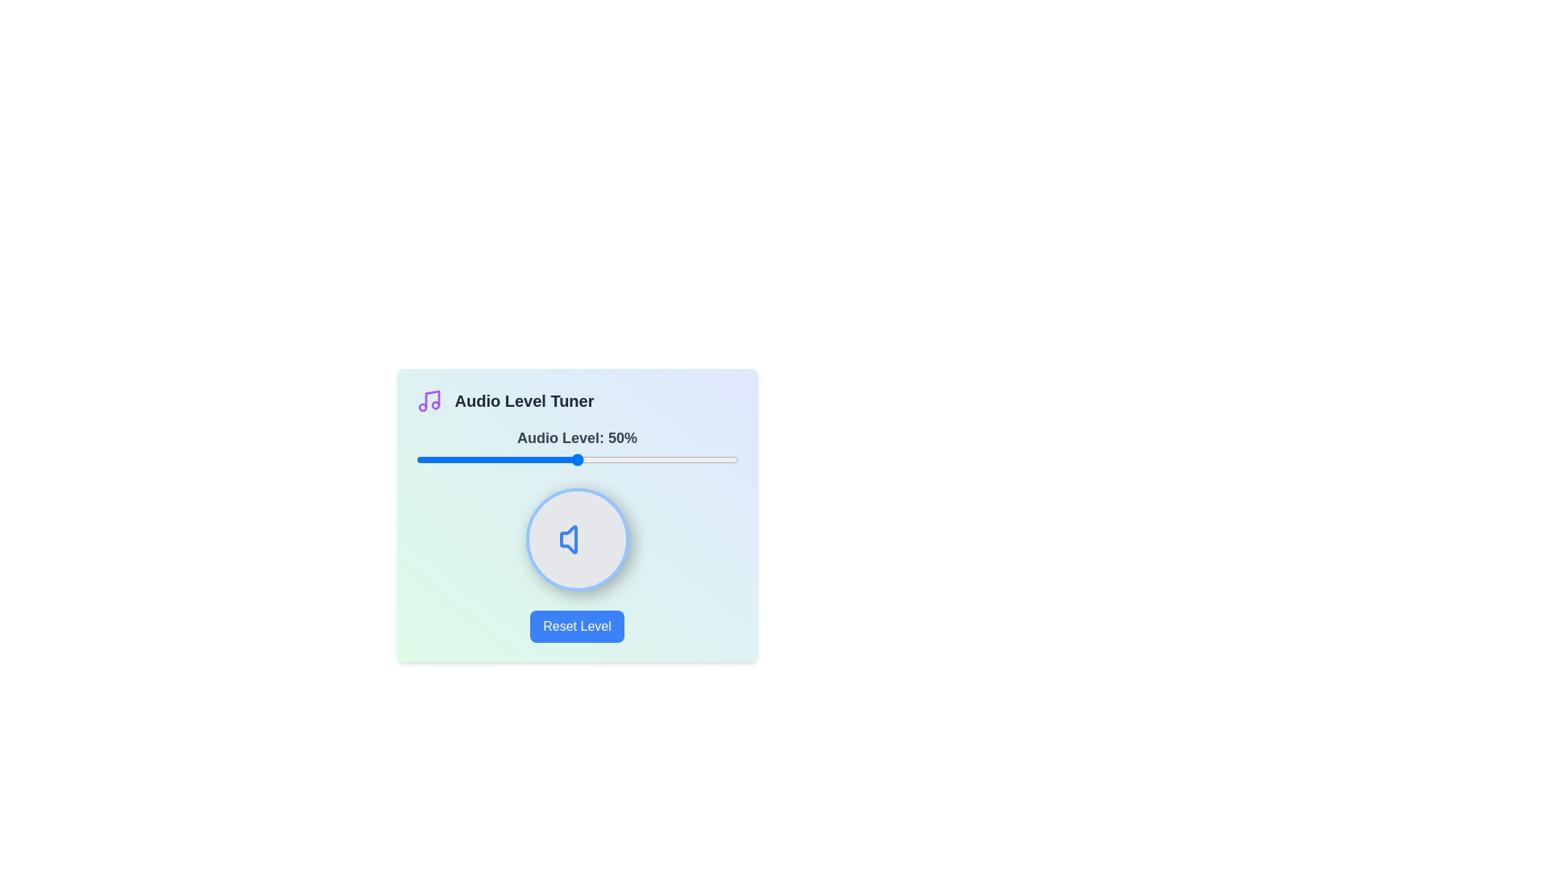 The width and height of the screenshot is (1547, 870). I want to click on the audio level to 28% by dragging the slider, so click(505, 459).